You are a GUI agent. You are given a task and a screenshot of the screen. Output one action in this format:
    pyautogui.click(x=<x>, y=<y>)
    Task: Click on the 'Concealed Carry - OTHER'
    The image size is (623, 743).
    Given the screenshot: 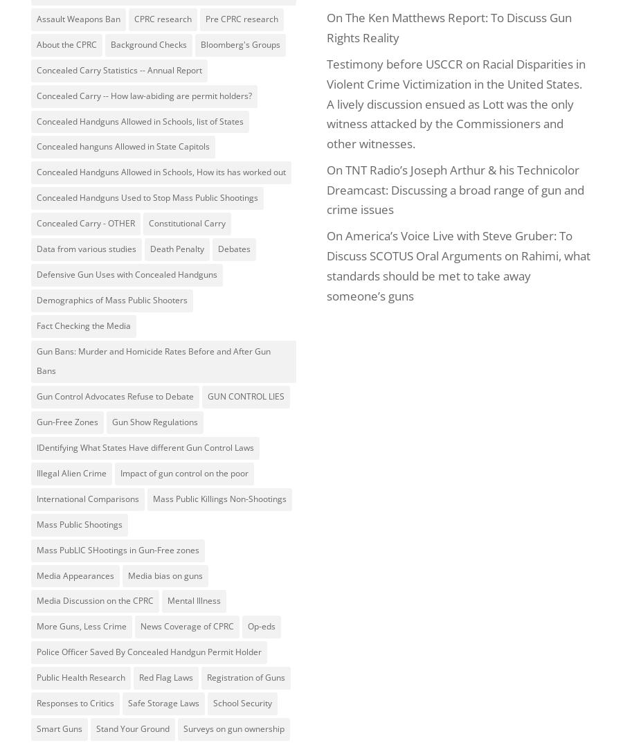 What is the action you would take?
    pyautogui.click(x=86, y=223)
    